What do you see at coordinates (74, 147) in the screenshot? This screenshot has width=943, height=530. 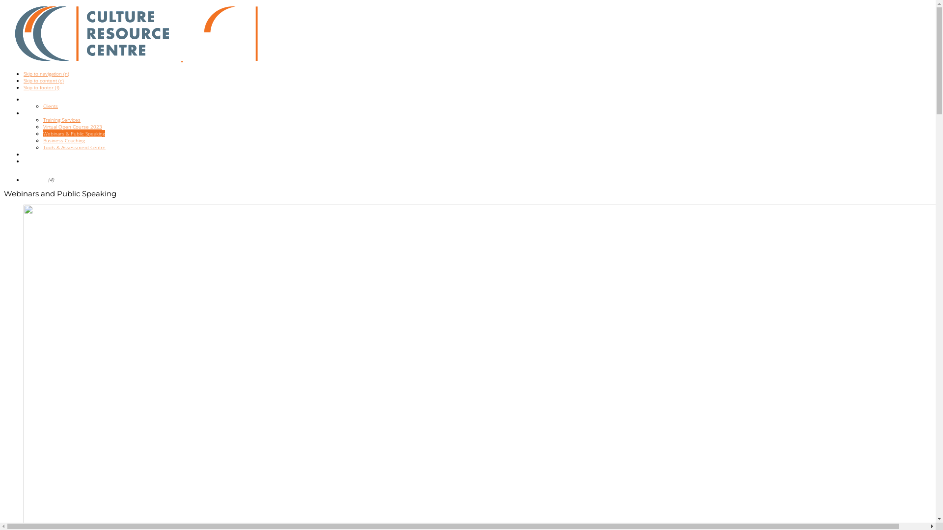 I see `'Tools & Assessment Centre'` at bounding box center [74, 147].